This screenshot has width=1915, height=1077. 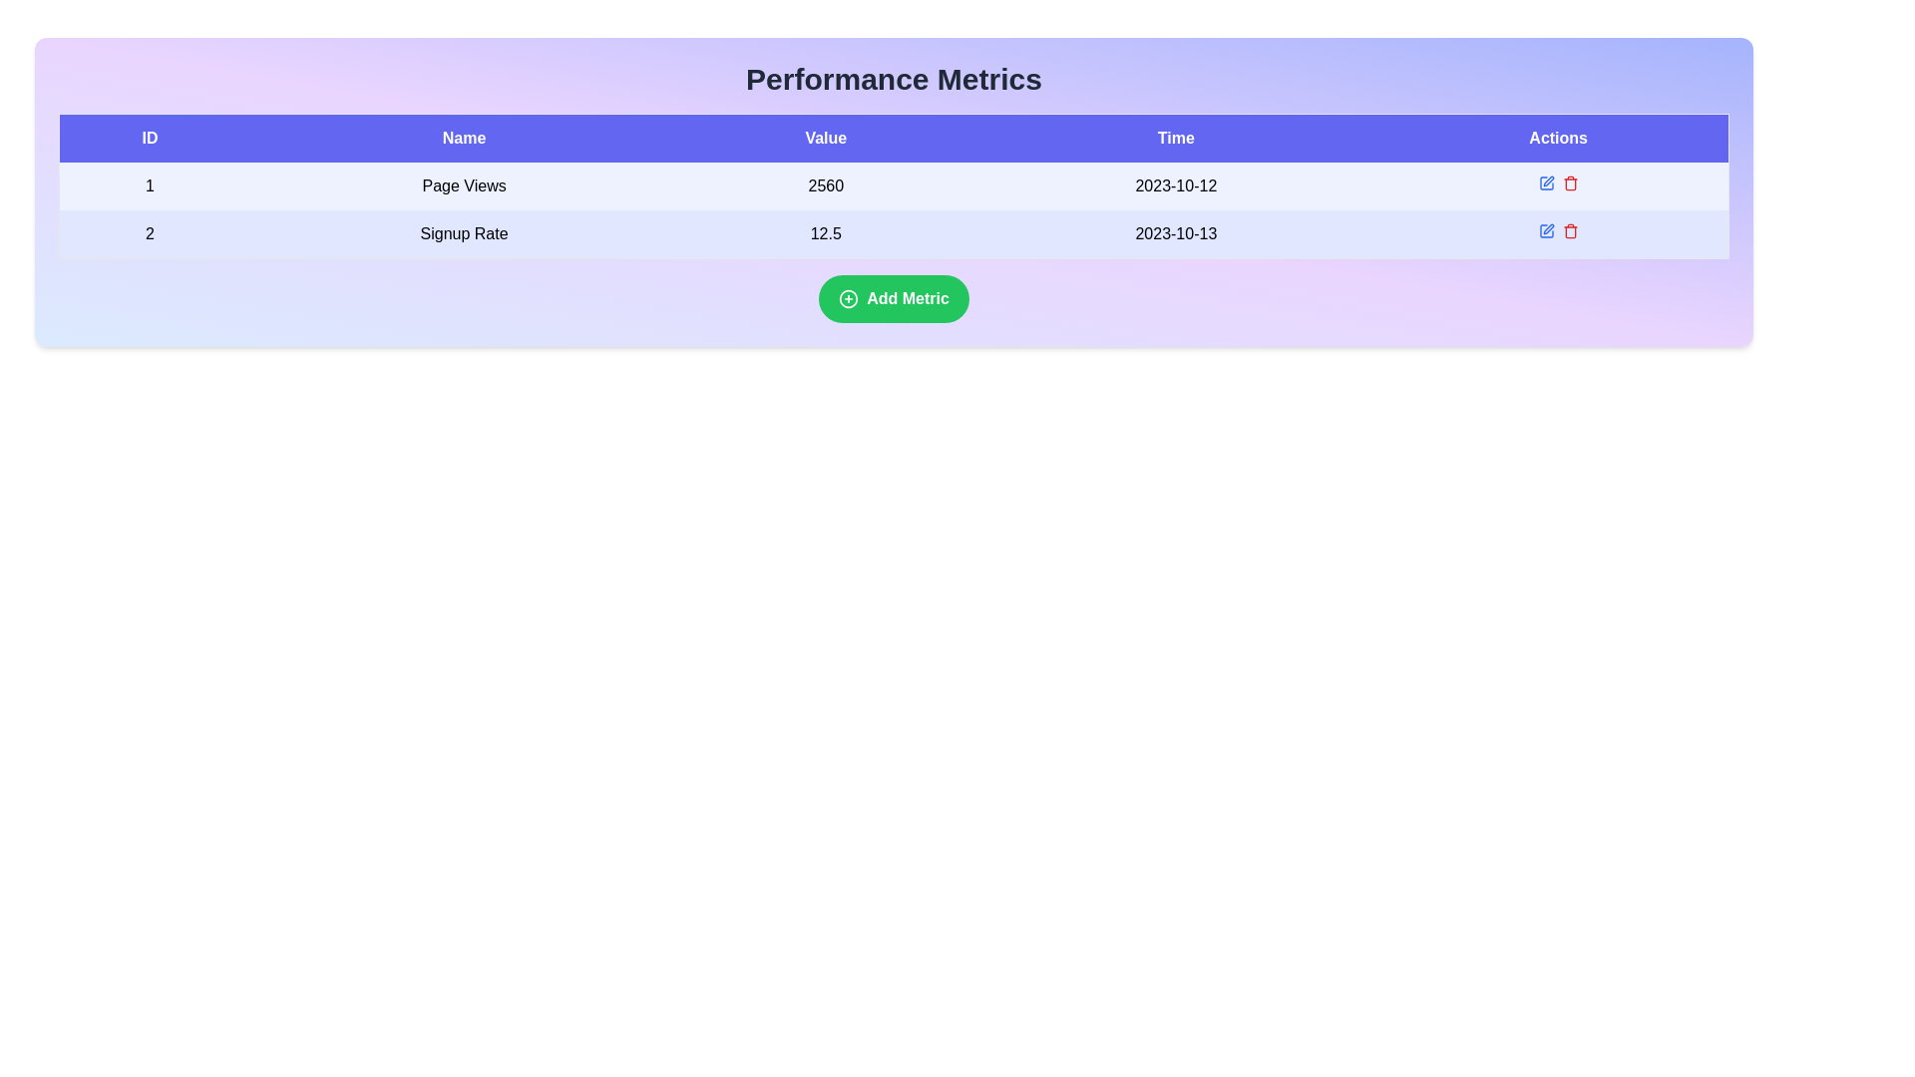 I want to click on the 'Actions' table header cell, which is the last column header in the table with a blue background and bold white text, so click(x=1557, y=137).